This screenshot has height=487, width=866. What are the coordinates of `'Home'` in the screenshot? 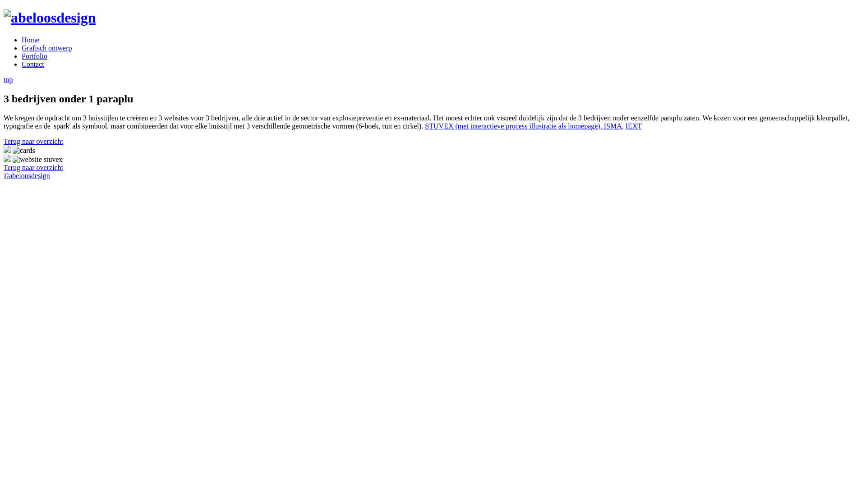 It's located at (30, 39).